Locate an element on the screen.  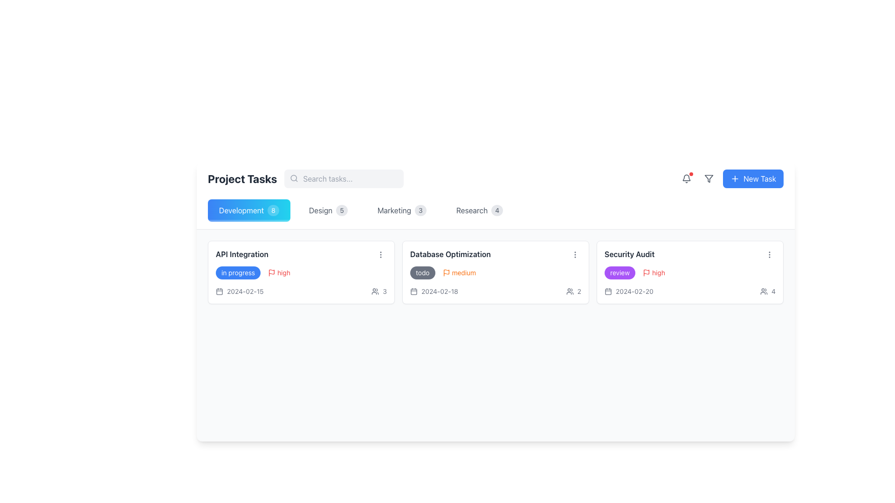
the 'Development' button with rounded corners and a gradient background, which has the text 'Development' and a badge with the number '8' is located at coordinates (249, 210).